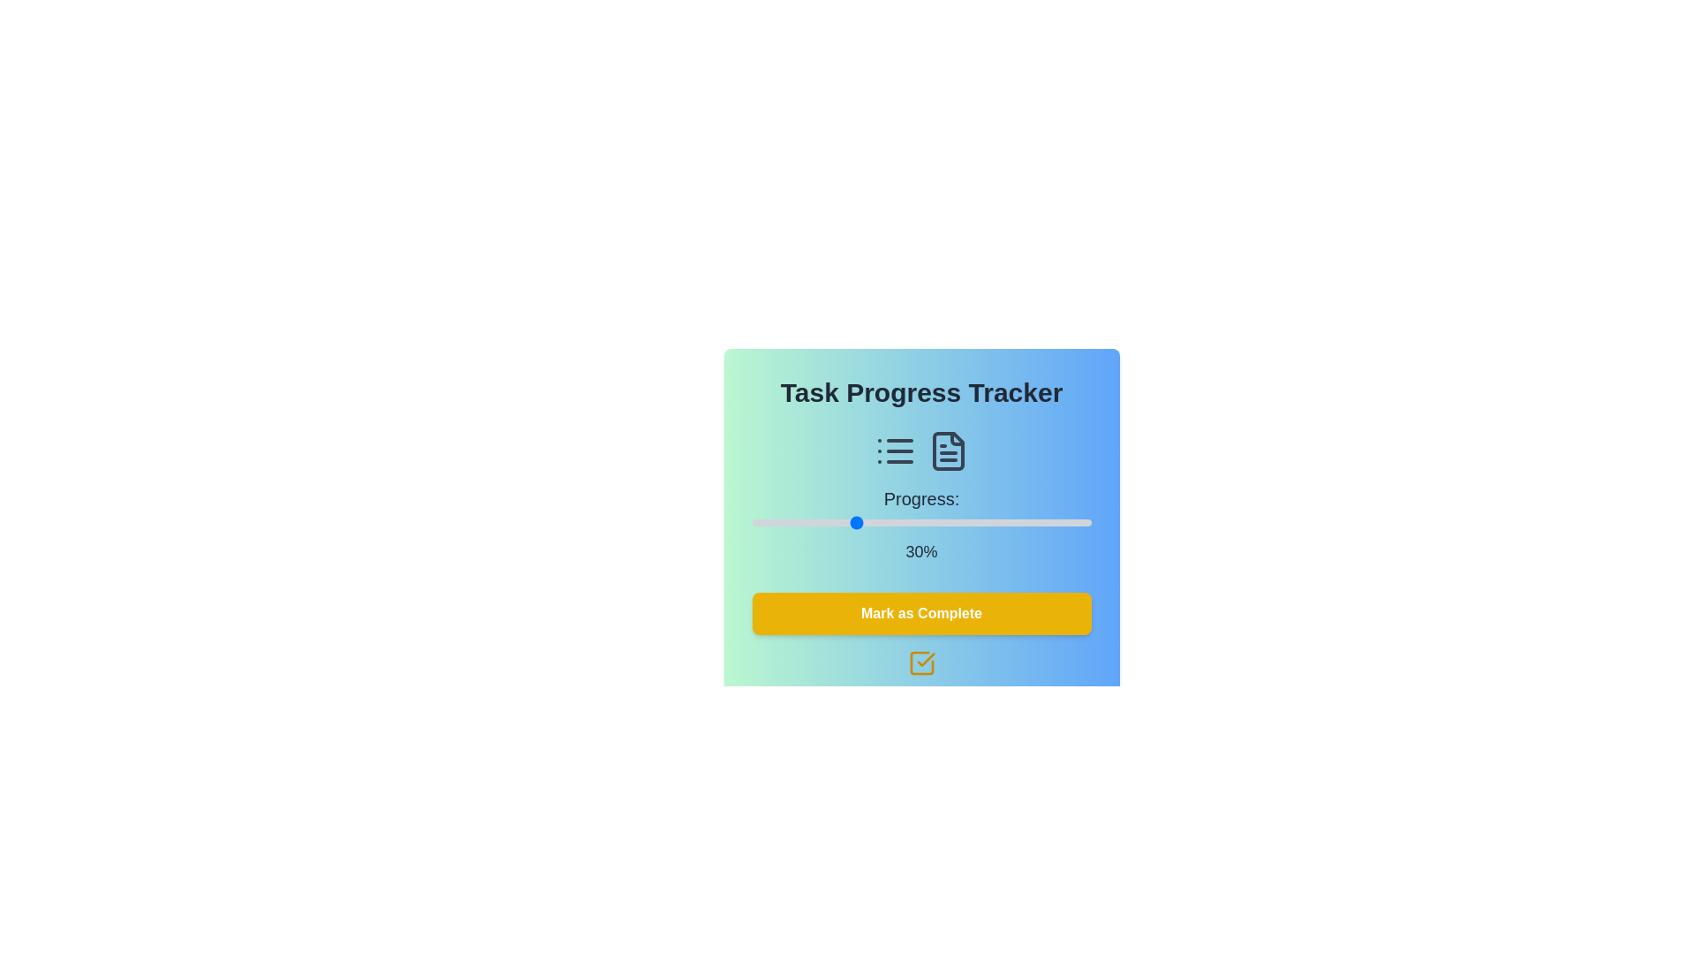 This screenshot has width=1696, height=954. Describe the element at coordinates (1030, 521) in the screenshot. I see `the slider to set the progress to 82%` at that location.